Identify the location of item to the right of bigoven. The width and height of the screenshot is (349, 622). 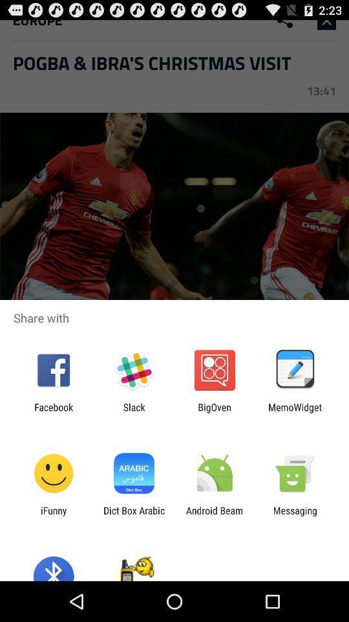
(295, 412).